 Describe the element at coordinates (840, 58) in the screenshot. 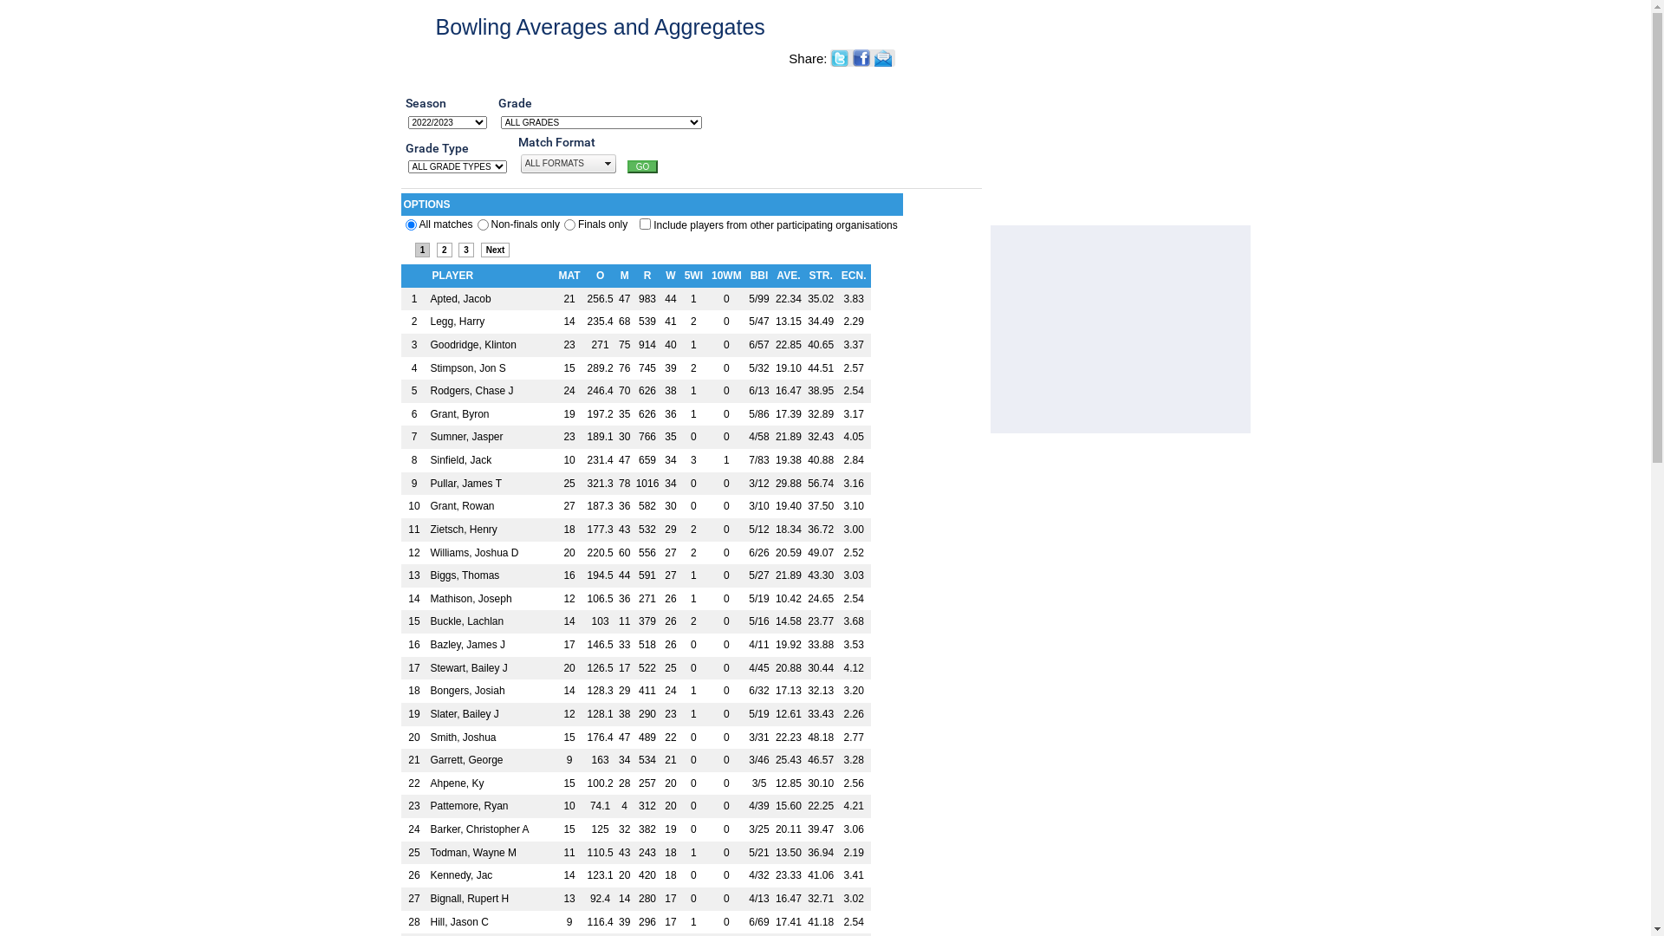

I see `'Tweet this'` at that location.